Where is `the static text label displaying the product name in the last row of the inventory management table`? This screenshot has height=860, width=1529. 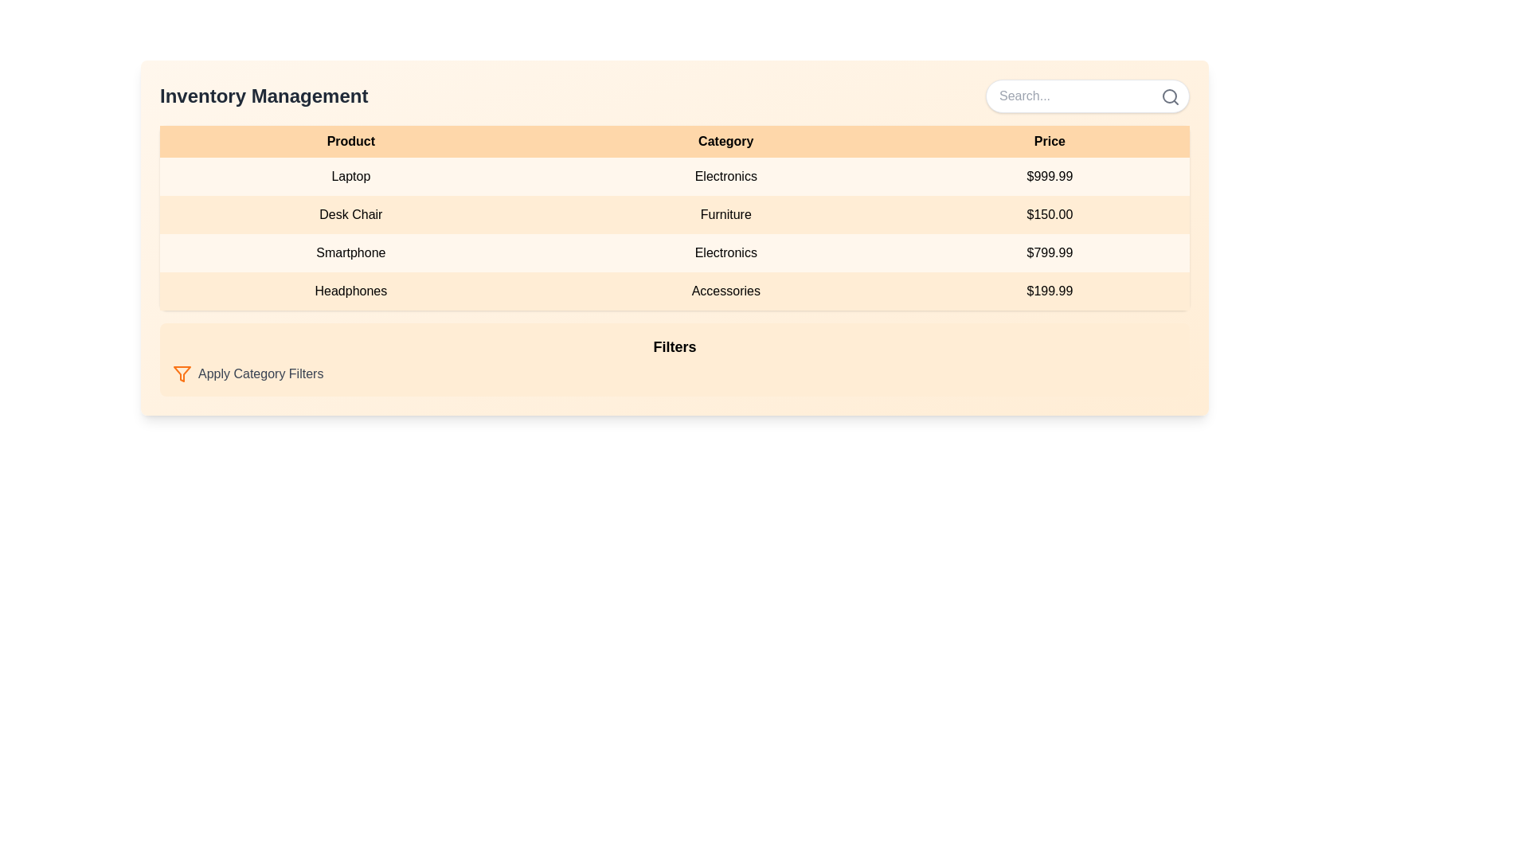
the static text label displaying the product name in the last row of the inventory management table is located at coordinates (350, 291).